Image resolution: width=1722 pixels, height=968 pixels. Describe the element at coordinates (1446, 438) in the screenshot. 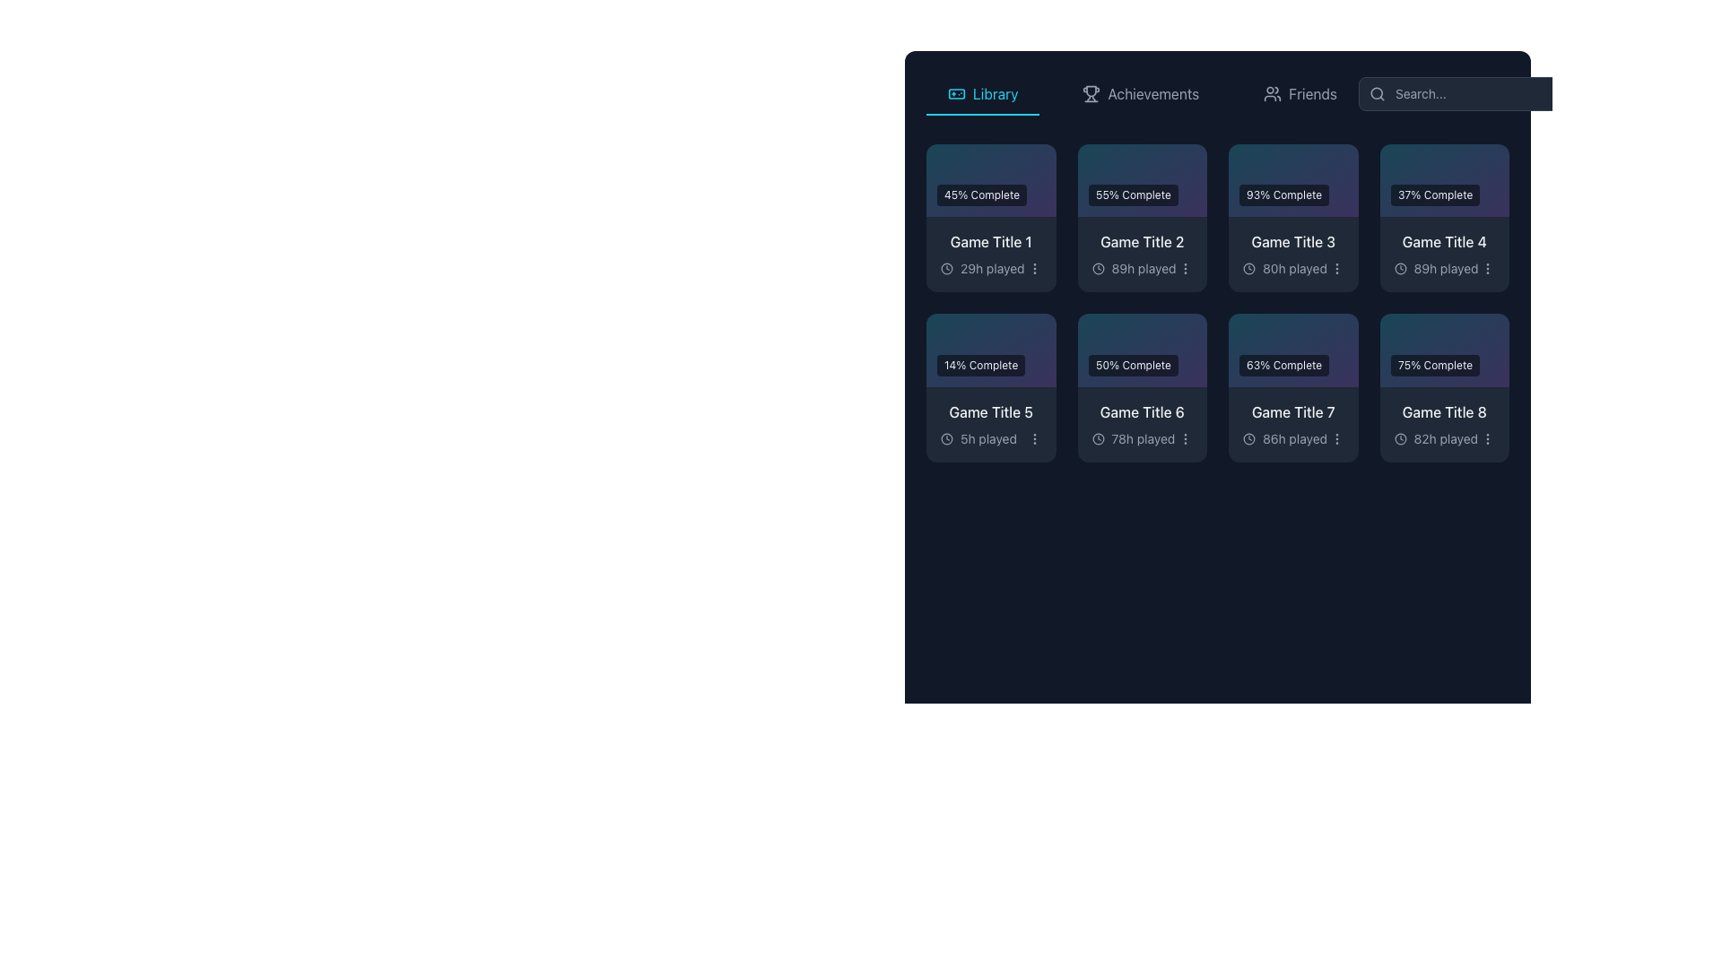

I see `the static text label indicating total playtime for 'Game Title 8', positioned at the bottom-right corner inside its card, after the clock icon` at that location.